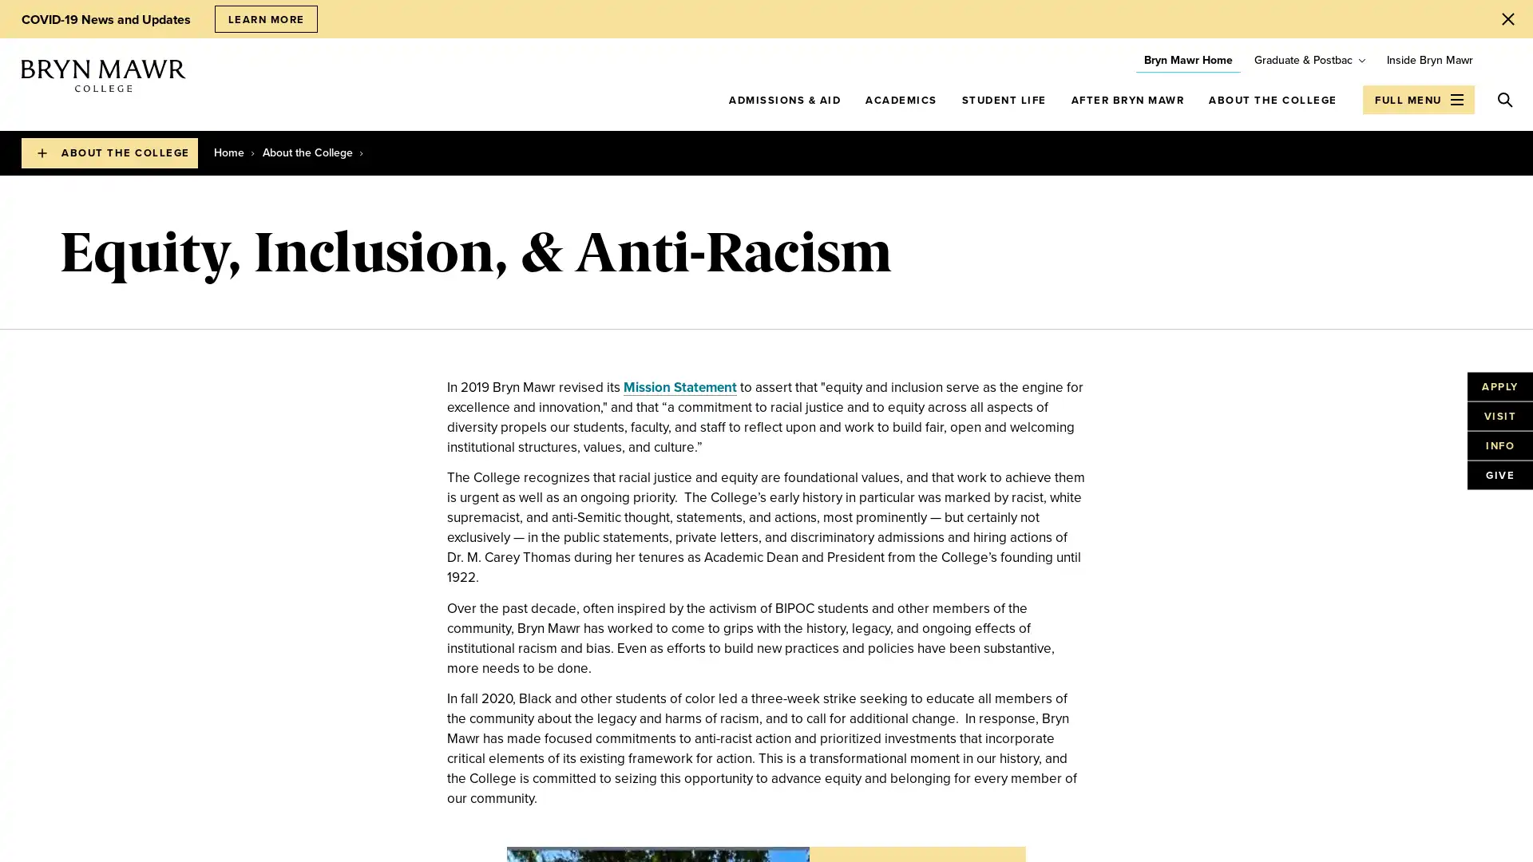 This screenshot has width=1533, height=862. Describe the element at coordinates (1303, 59) in the screenshot. I see `Graduate & Postbac` at that location.